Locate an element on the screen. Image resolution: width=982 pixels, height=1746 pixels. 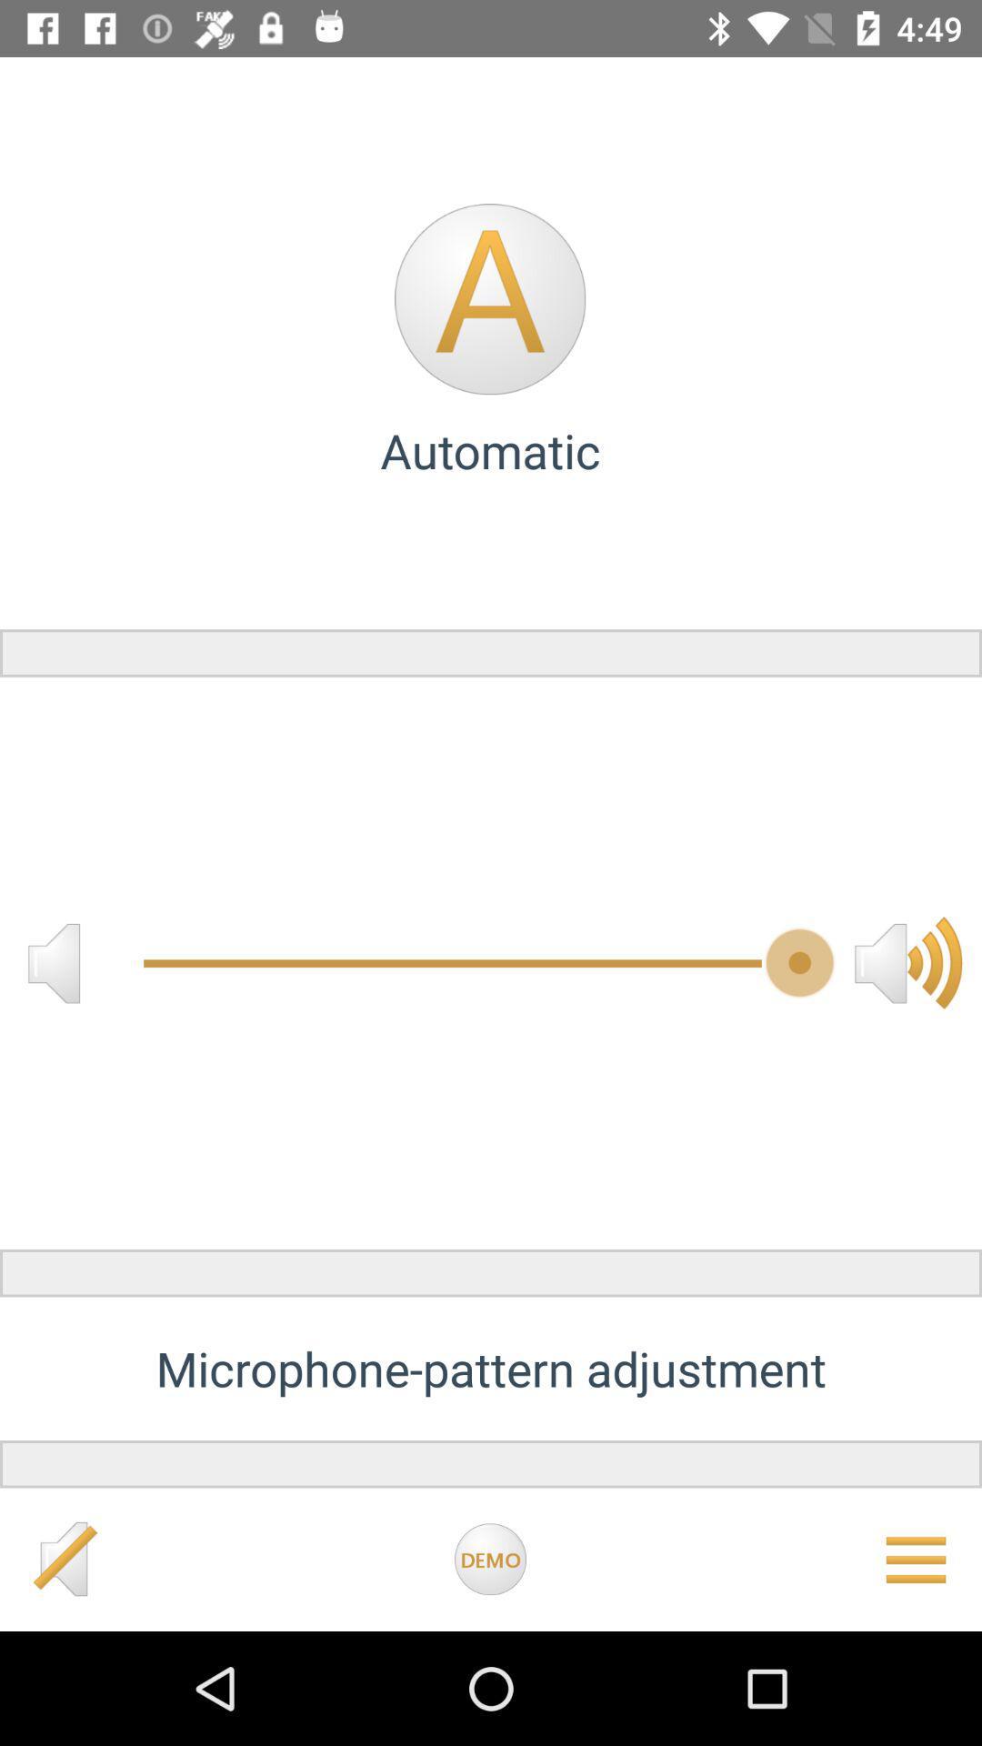
icon at the bottom right corner is located at coordinates (916, 1559).